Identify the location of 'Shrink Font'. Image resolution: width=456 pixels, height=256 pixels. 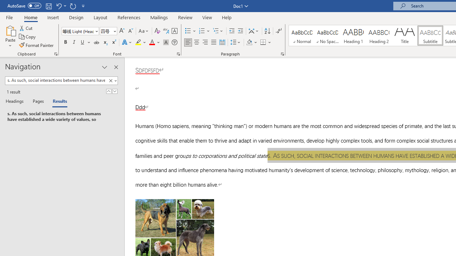
(130, 31).